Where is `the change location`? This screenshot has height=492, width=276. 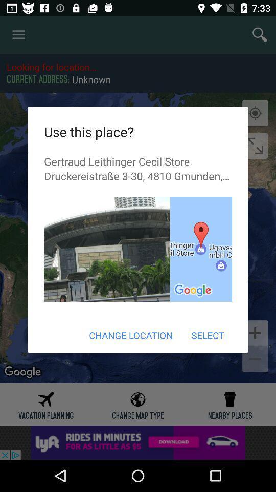 the change location is located at coordinates (131, 335).